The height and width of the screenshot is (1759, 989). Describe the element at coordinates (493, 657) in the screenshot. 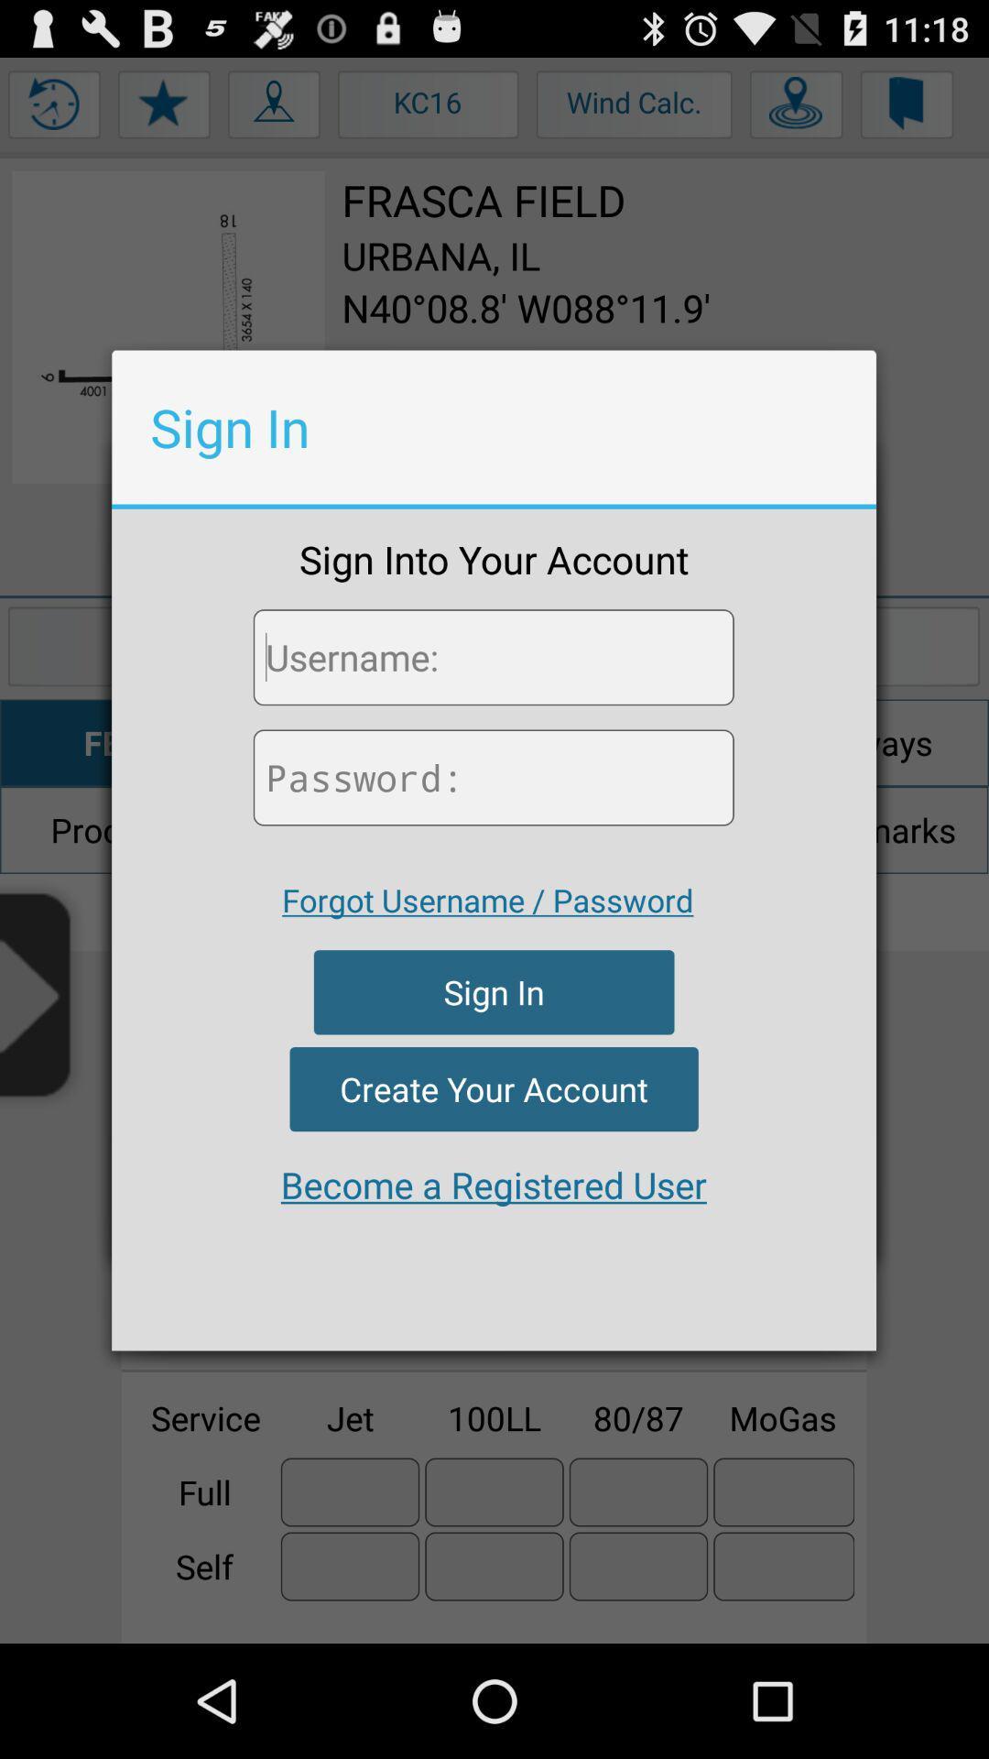

I see `your username to login` at that location.